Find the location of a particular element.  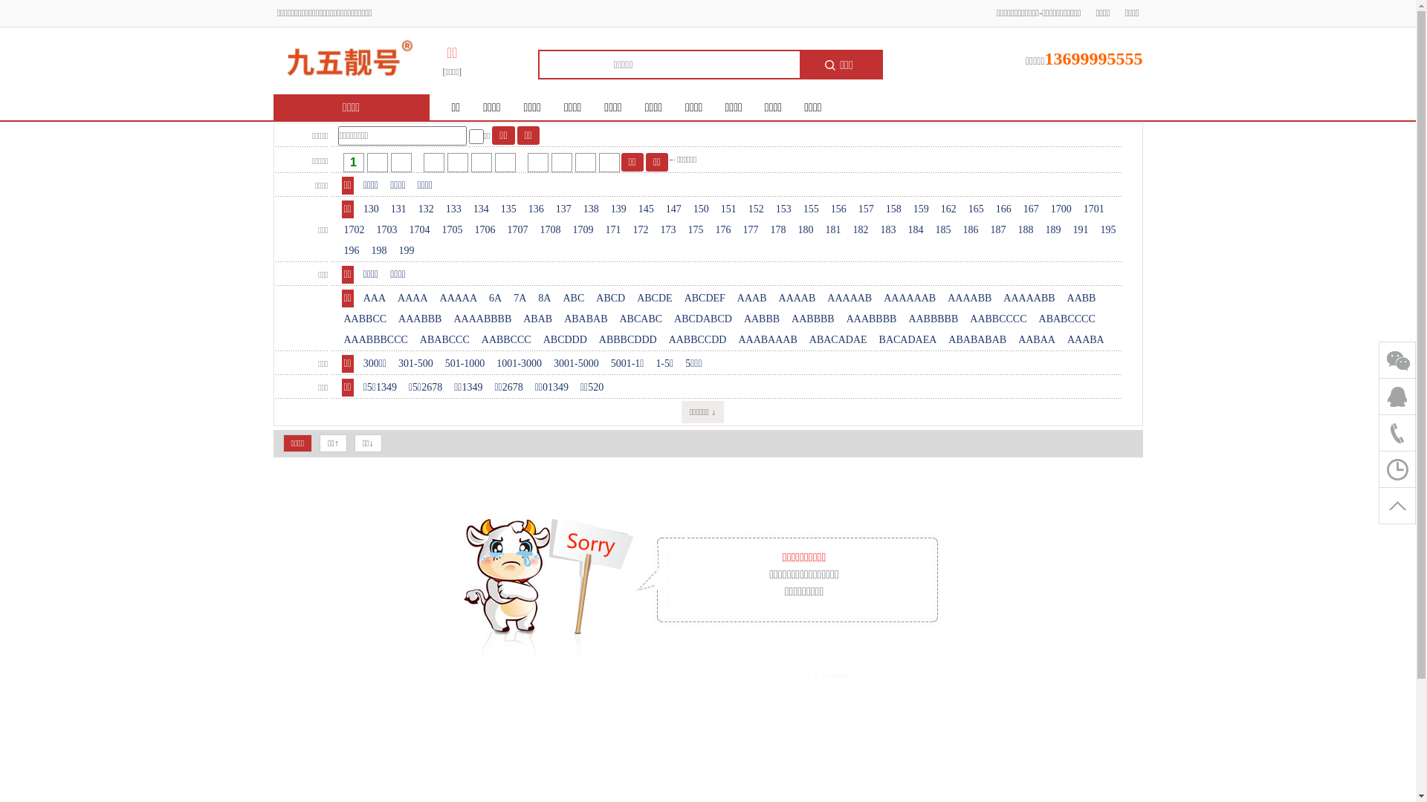

'ABACADAE' is located at coordinates (806, 340).